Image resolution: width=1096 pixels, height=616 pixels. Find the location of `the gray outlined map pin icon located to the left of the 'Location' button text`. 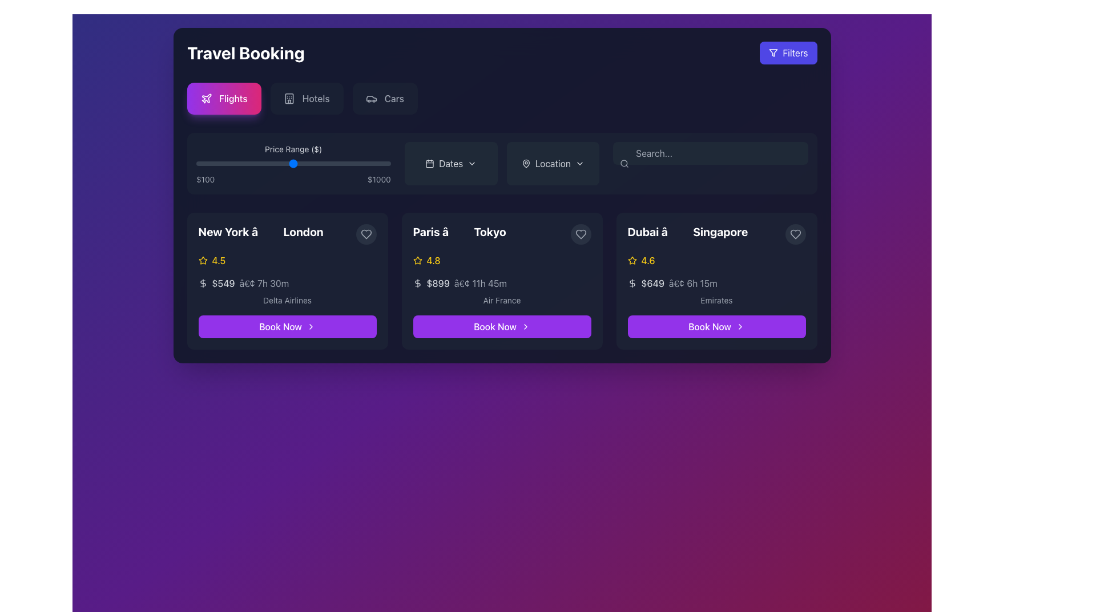

the gray outlined map pin icon located to the left of the 'Location' button text is located at coordinates (525, 163).